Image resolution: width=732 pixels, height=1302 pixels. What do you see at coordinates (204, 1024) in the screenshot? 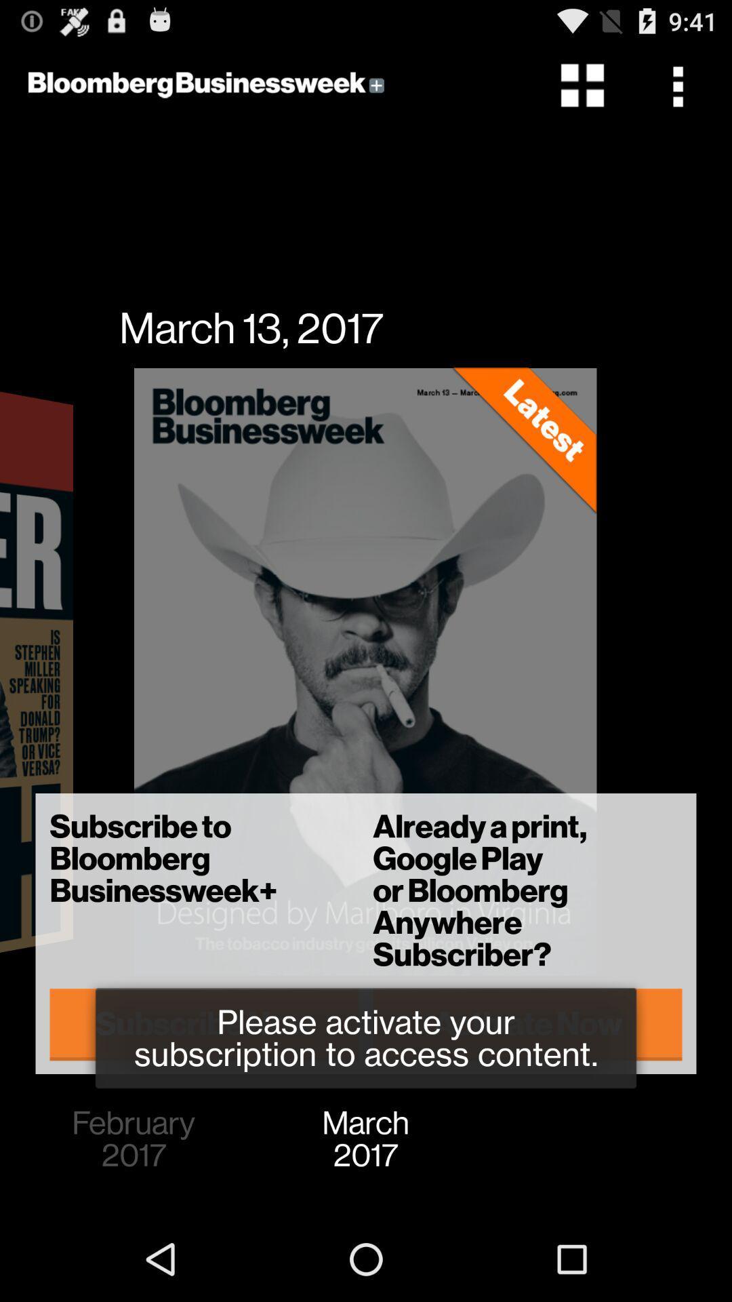
I see `the item next to already a print` at bounding box center [204, 1024].